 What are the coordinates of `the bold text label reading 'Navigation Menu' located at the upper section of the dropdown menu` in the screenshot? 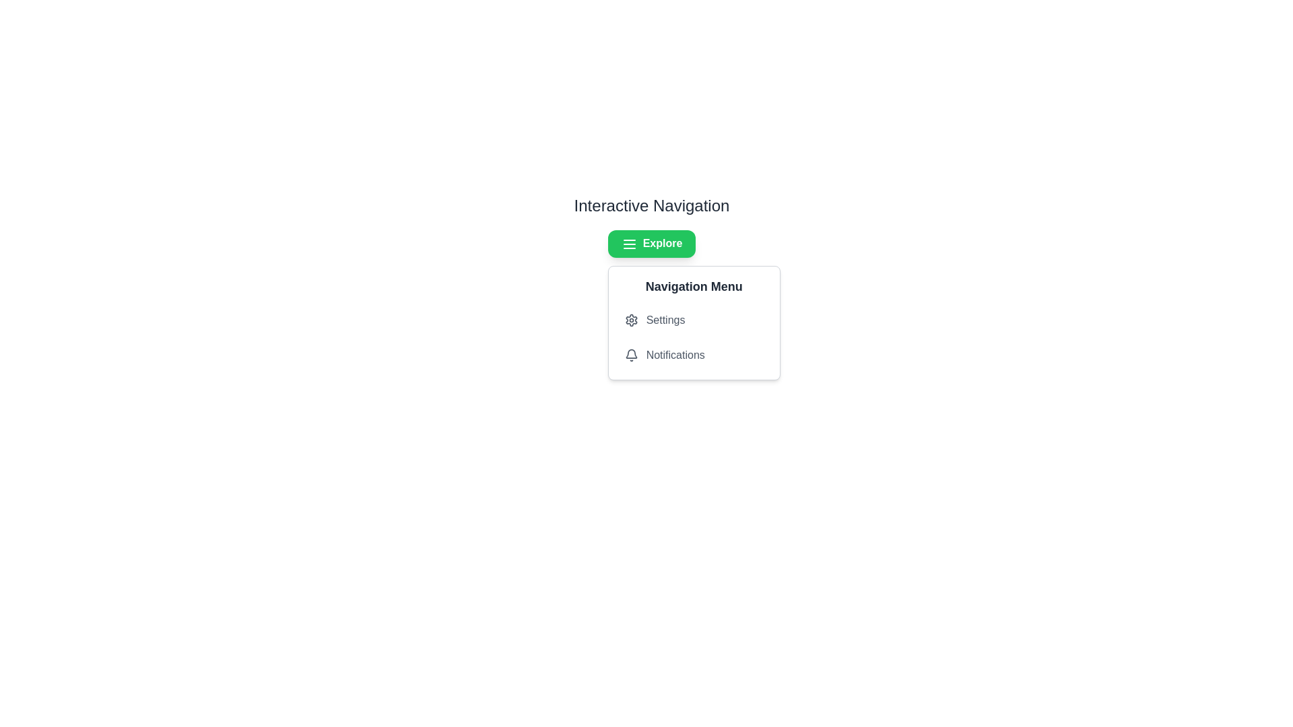 It's located at (694, 285).